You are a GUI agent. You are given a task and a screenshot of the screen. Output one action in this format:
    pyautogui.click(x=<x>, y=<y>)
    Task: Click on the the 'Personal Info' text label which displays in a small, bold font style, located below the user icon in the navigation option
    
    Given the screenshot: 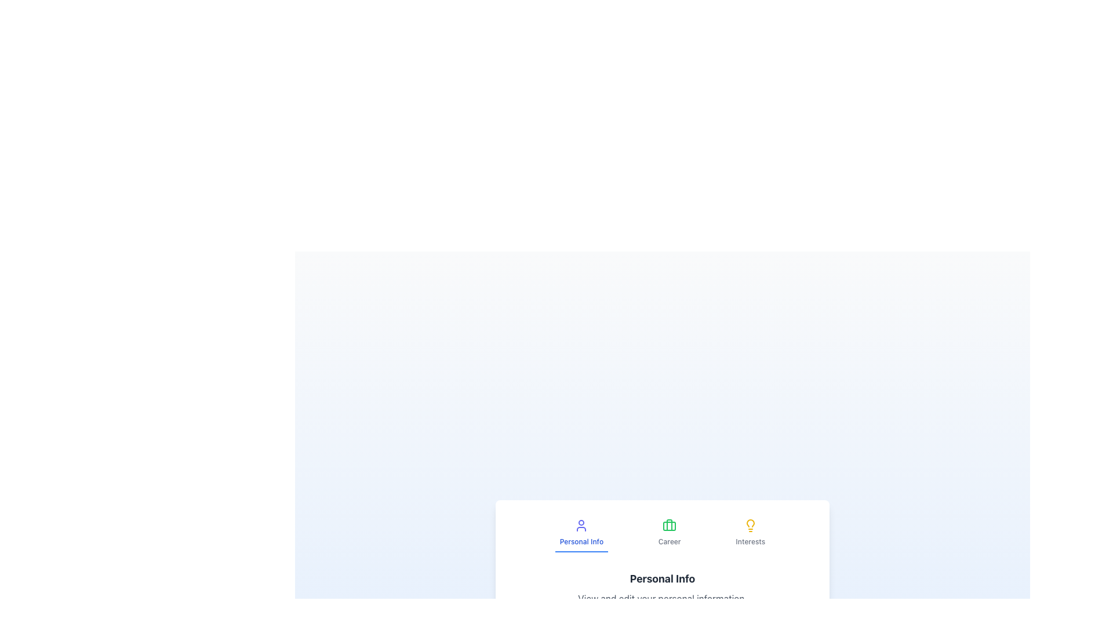 What is the action you would take?
    pyautogui.click(x=581, y=541)
    